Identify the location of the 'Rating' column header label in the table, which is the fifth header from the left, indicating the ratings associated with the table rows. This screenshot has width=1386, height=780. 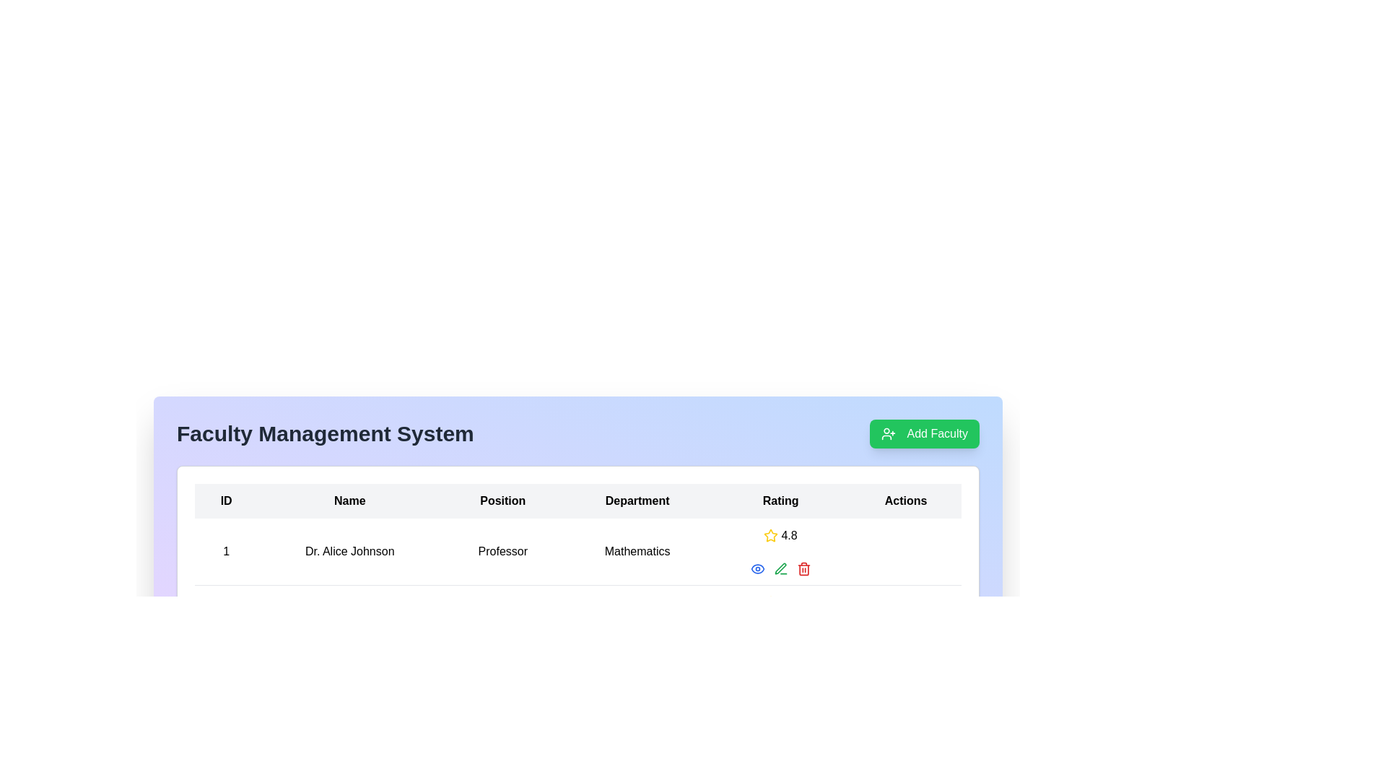
(780, 500).